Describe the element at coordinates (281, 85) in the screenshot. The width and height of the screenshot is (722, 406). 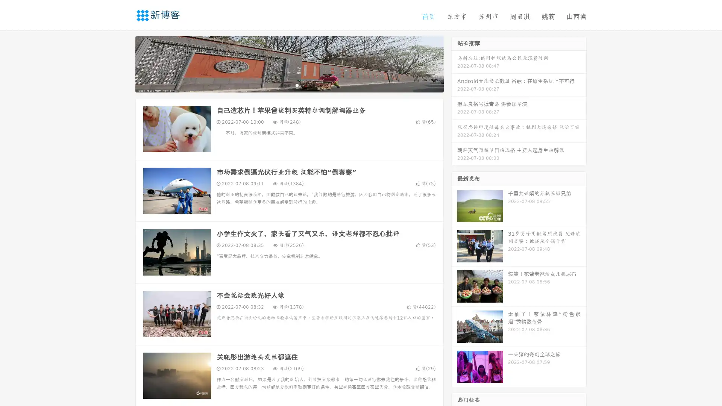
I see `Go to slide 1` at that location.